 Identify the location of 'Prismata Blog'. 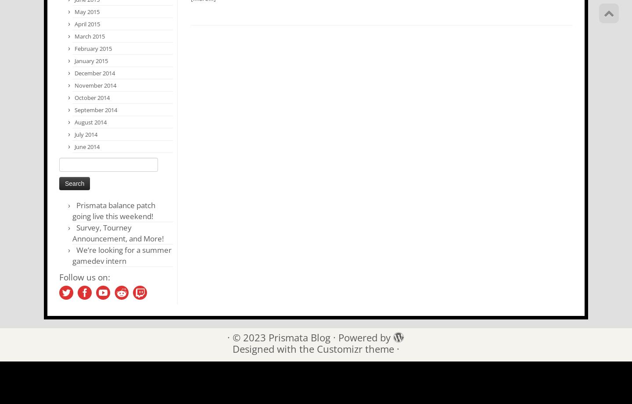
(268, 337).